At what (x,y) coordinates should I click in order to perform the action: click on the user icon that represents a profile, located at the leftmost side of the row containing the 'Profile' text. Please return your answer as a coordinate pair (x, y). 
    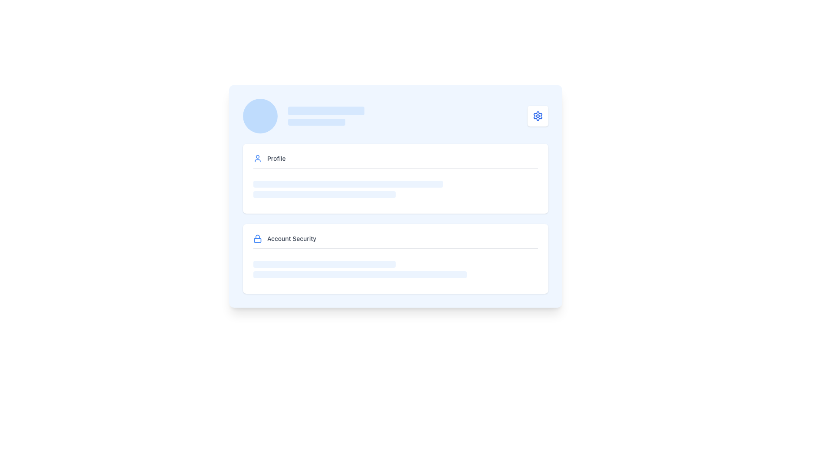
    Looking at the image, I should click on (257, 159).